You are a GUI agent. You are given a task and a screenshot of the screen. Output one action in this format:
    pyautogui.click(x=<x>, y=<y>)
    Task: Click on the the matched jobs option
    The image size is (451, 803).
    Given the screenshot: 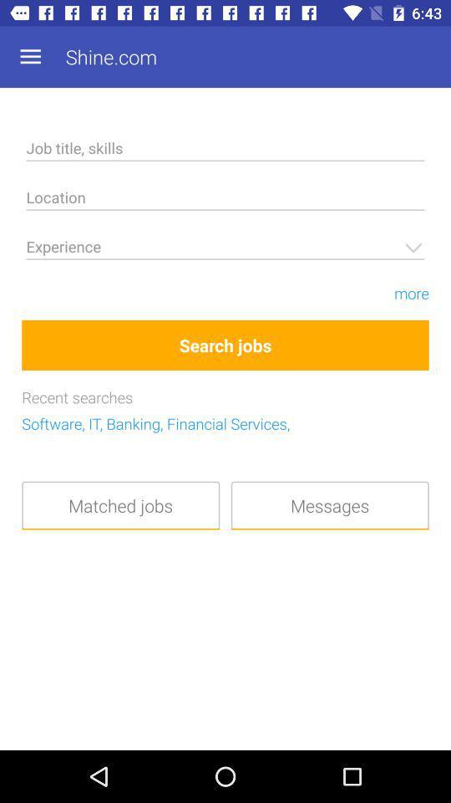 What is the action you would take?
    pyautogui.click(x=119, y=504)
    